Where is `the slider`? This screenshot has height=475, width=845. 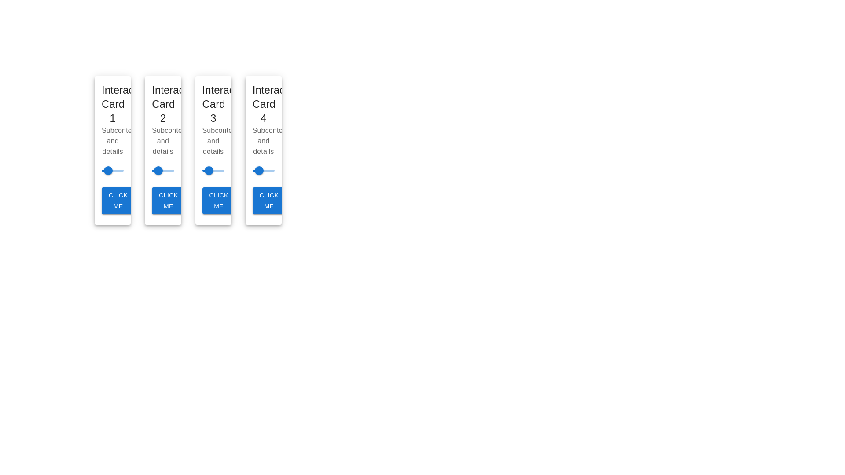 the slider is located at coordinates (172, 171).